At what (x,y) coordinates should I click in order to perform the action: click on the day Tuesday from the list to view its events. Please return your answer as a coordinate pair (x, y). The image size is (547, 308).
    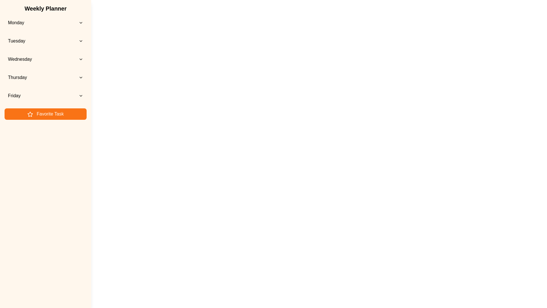
    Looking at the image, I should click on (45, 40).